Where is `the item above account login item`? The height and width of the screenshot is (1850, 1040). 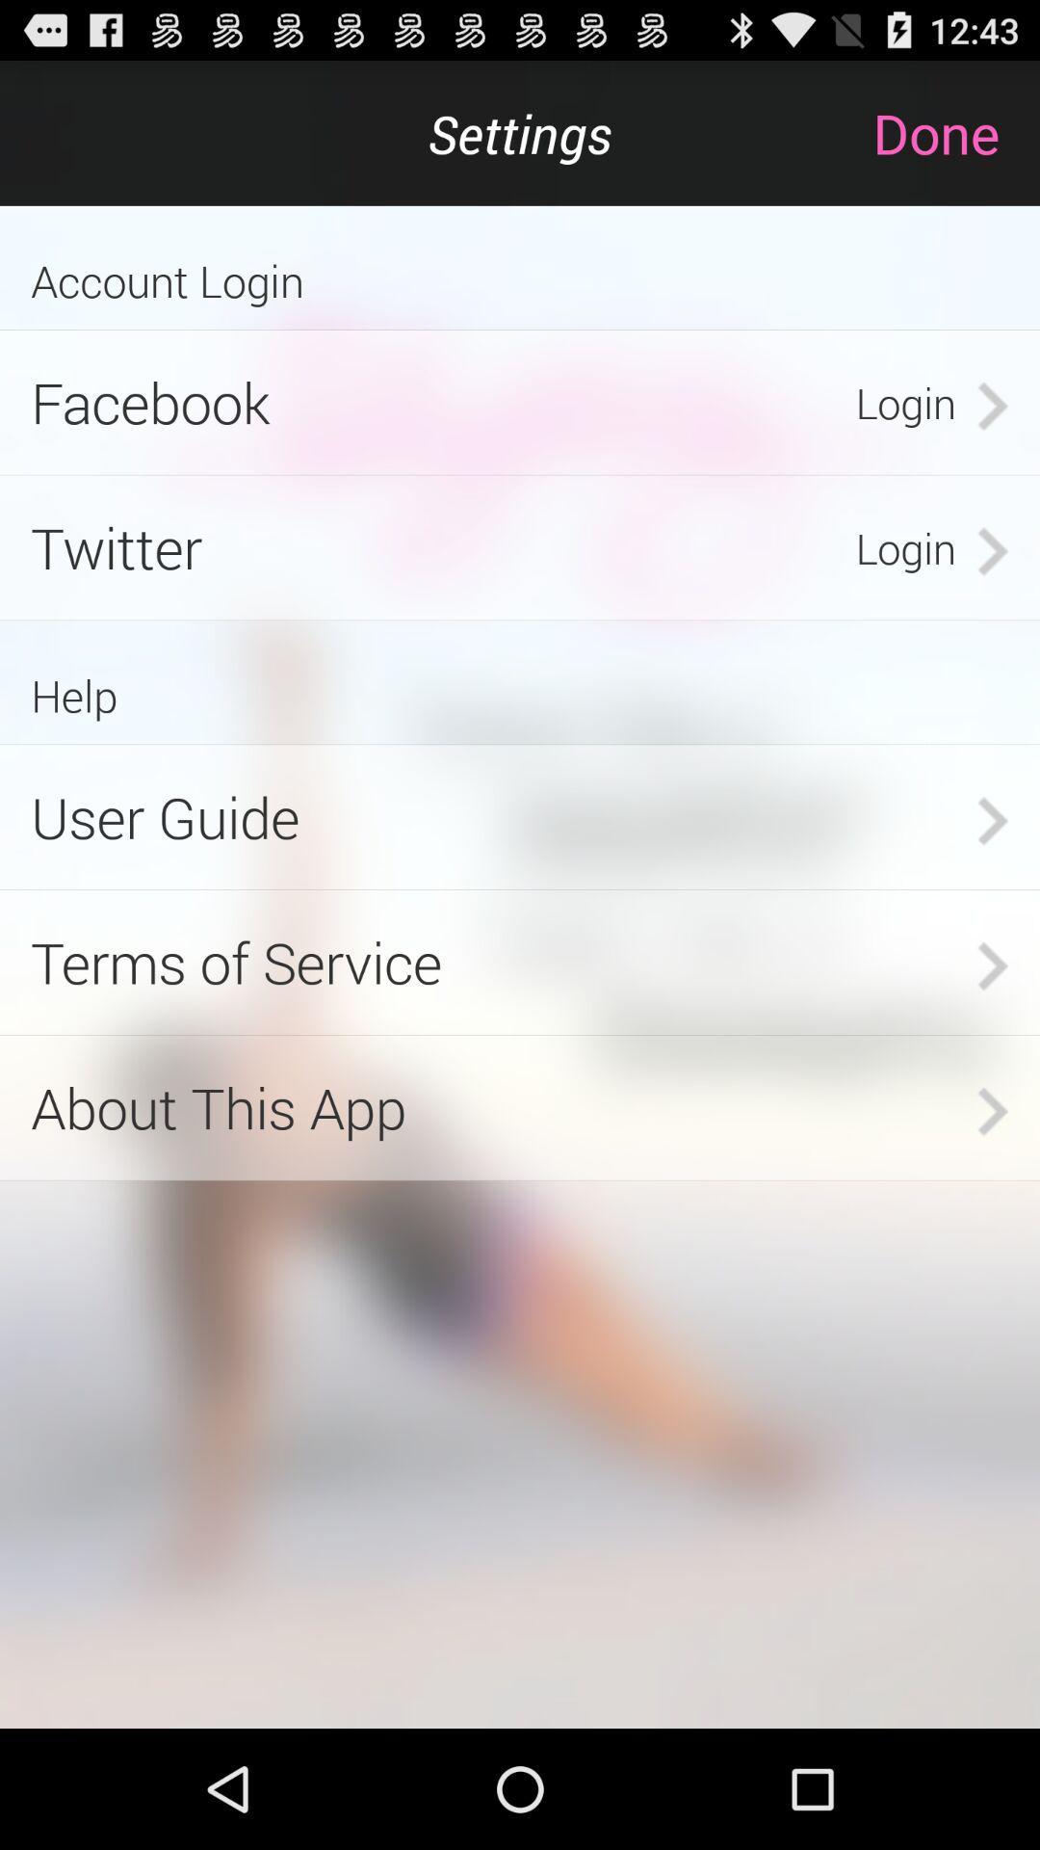 the item above account login item is located at coordinates (955, 132).